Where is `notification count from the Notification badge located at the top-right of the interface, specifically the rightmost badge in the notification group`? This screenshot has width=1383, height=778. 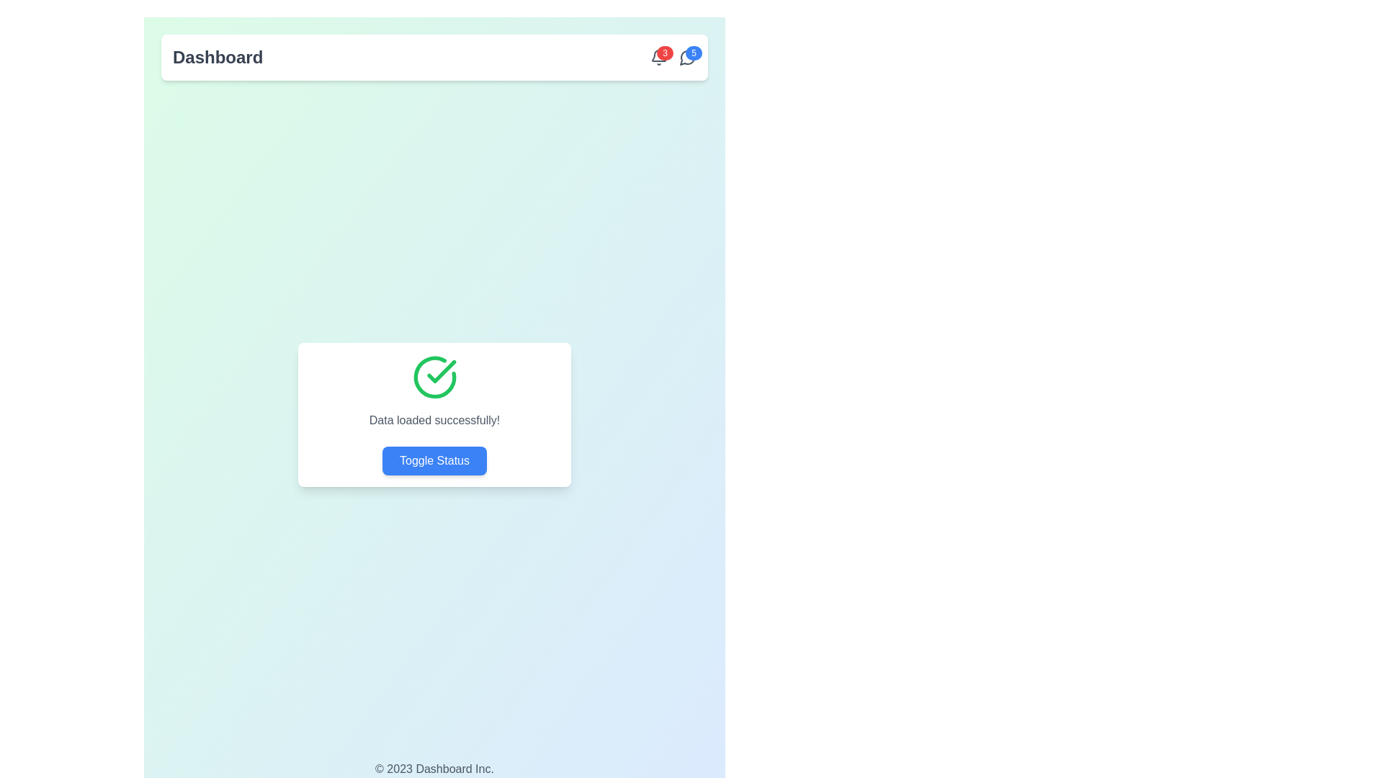
notification count from the Notification badge located at the top-right of the interface, specifically the rightmost badge in the notification group is located at coordinates (687, 57).